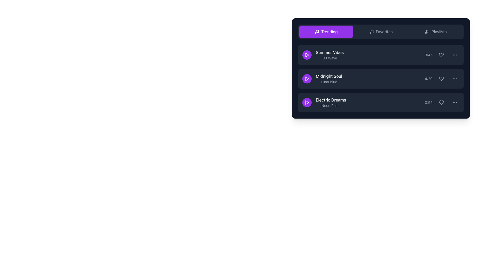 The height and width of the screenshot is (279, 497). What do you see at coordinates (442, 55) in the screenshot?
I see `the heart icon located at the right end of the first list item` at bounding box center [442, 55].